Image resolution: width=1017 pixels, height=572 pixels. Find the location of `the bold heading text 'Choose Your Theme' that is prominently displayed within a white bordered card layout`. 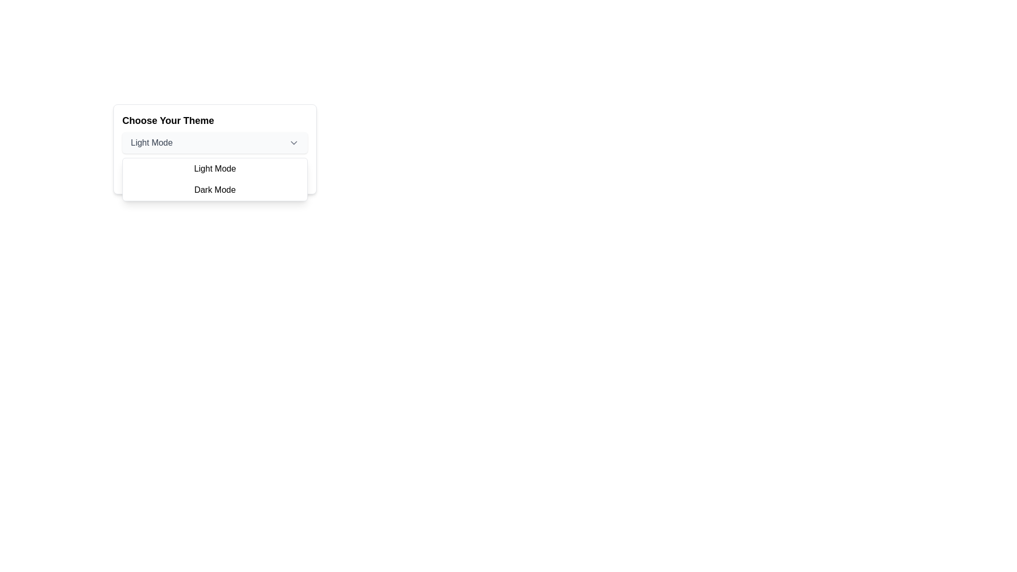

the bold heading text 'Choose Your Theme' that is prominently displayed within a white bordered card layout is located at coordinates (167, 120).